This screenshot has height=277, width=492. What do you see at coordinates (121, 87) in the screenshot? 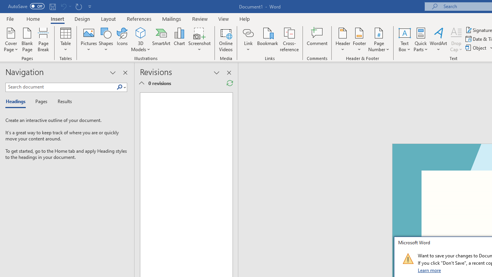
I see `'Search'` at bounding box center [121, 87].